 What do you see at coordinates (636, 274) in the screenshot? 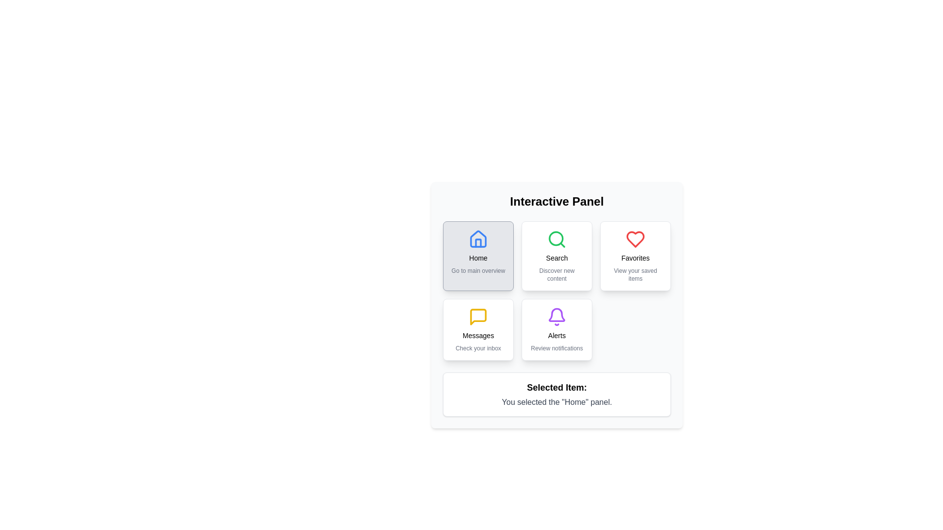
I see `the text label that provides additional context for the 'Favorites' option, positioned beneath the 'Favorites' label within the user interface panel` at bounding box center [636, 274].